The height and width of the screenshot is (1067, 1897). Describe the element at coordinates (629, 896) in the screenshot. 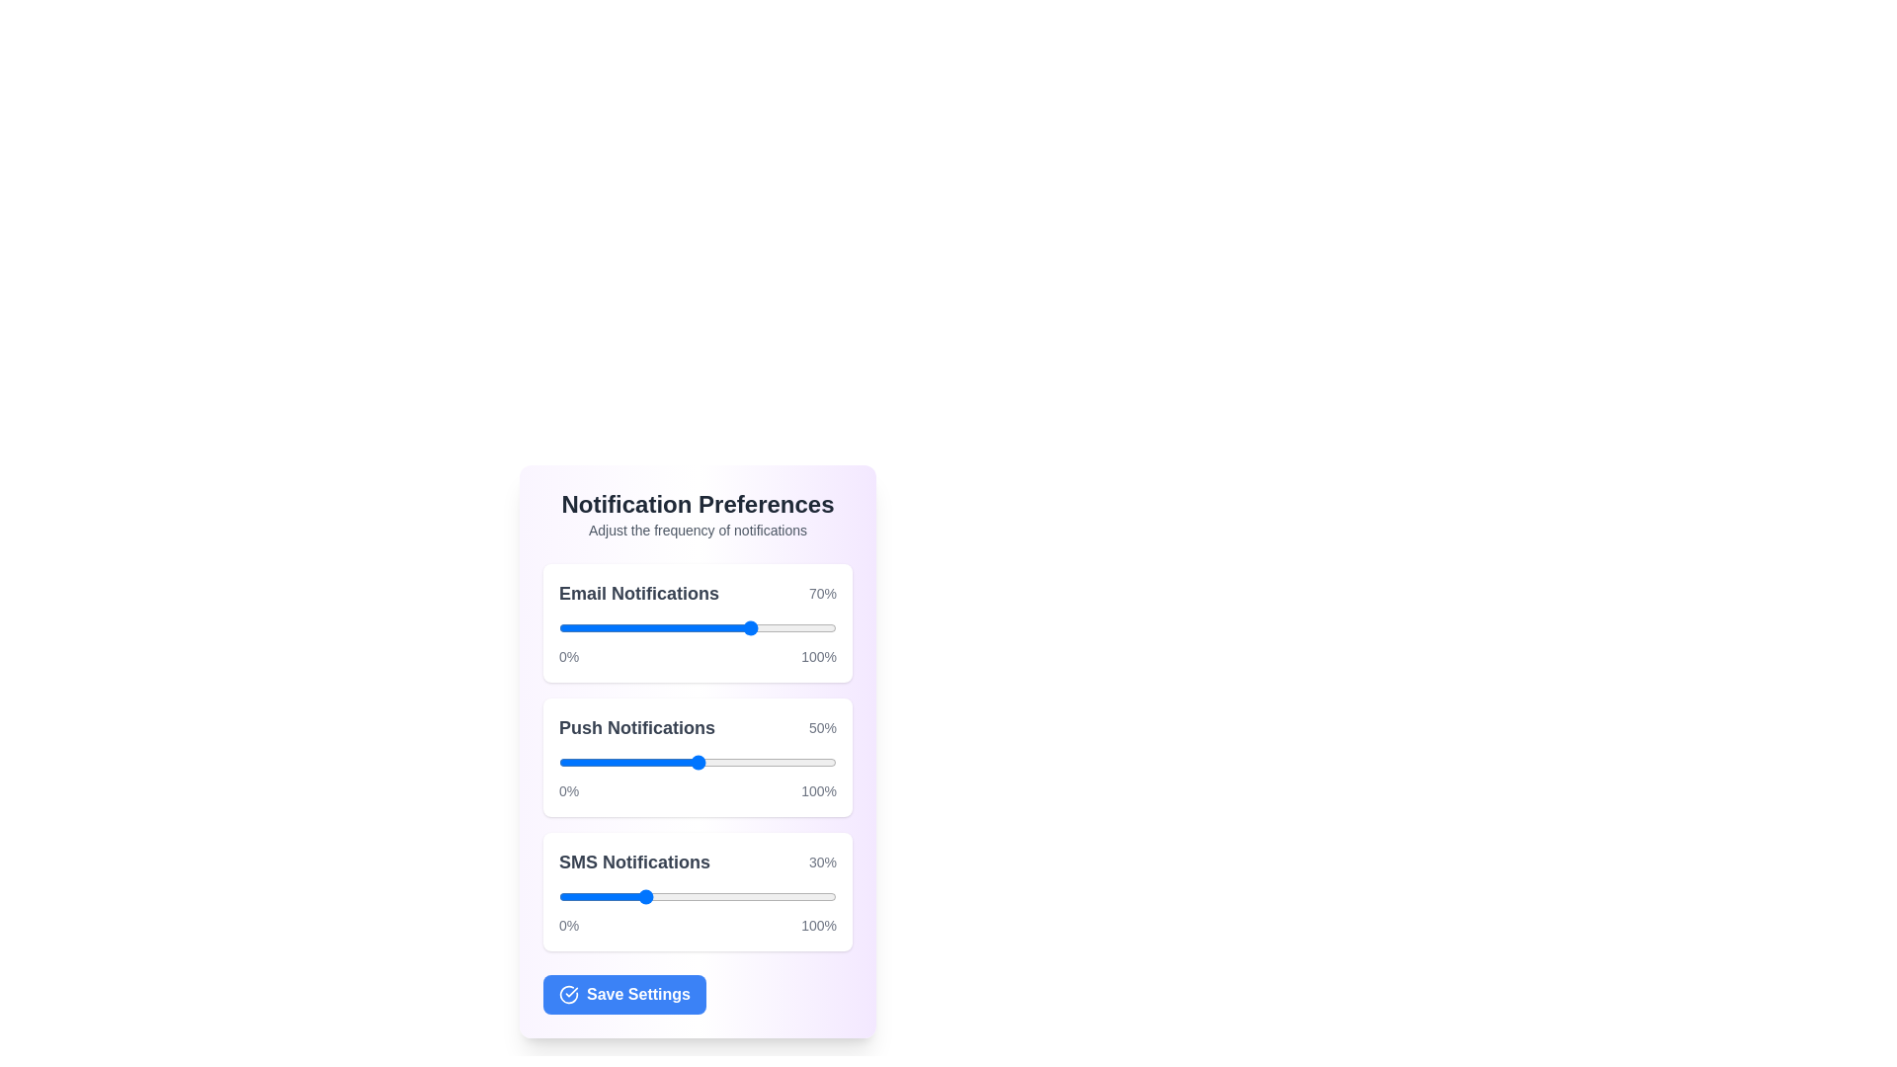

I see `the SMS Notifications slider` at that location.